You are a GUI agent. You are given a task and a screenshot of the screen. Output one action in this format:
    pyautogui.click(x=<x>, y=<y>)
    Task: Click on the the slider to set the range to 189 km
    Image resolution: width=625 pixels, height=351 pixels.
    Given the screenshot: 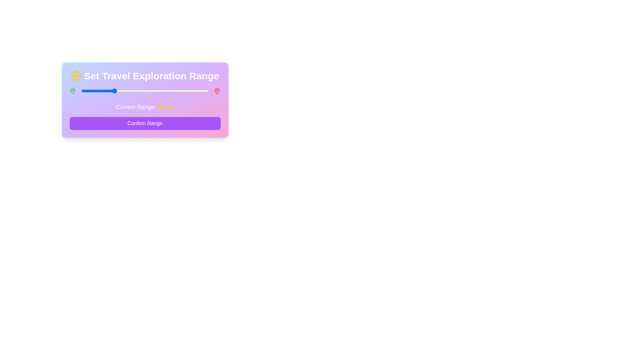 What is the action you would take?
    pyautogui.click(x=201, y=91)
    